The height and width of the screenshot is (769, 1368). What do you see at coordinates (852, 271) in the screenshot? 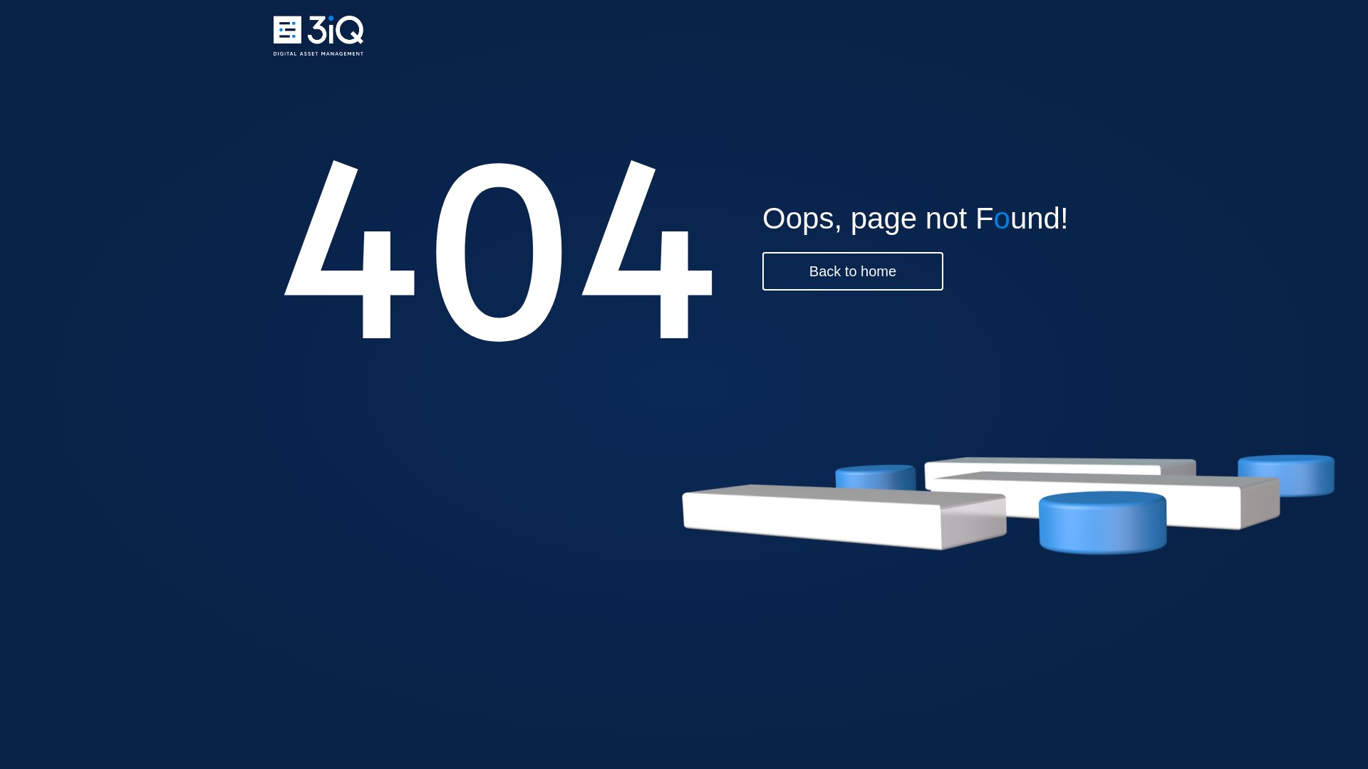
I see `'Back to home'` at bounding box center [852, 271].